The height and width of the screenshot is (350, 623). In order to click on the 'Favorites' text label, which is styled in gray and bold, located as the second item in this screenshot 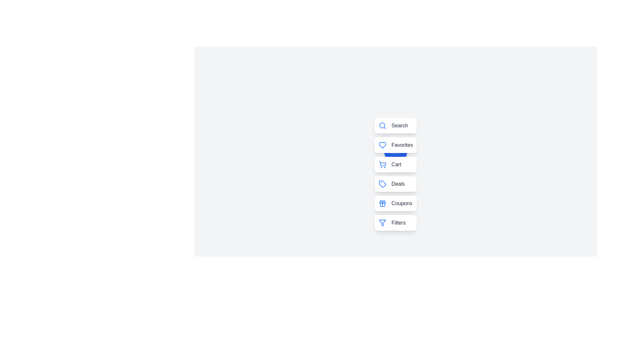, I will do `click(402, 145)`.